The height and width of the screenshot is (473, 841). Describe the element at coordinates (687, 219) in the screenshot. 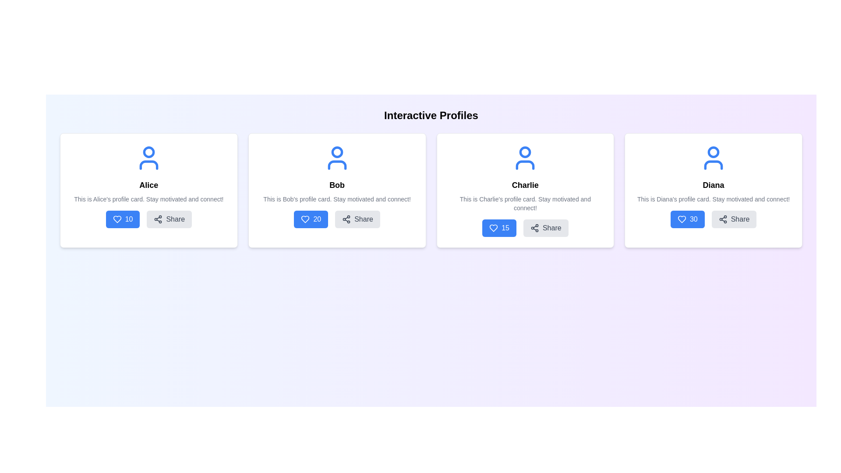

I see `the 'like' button for Diana's profile, which is the leftmost button in a group located beneath her profile card, to increment the like count` at that location.